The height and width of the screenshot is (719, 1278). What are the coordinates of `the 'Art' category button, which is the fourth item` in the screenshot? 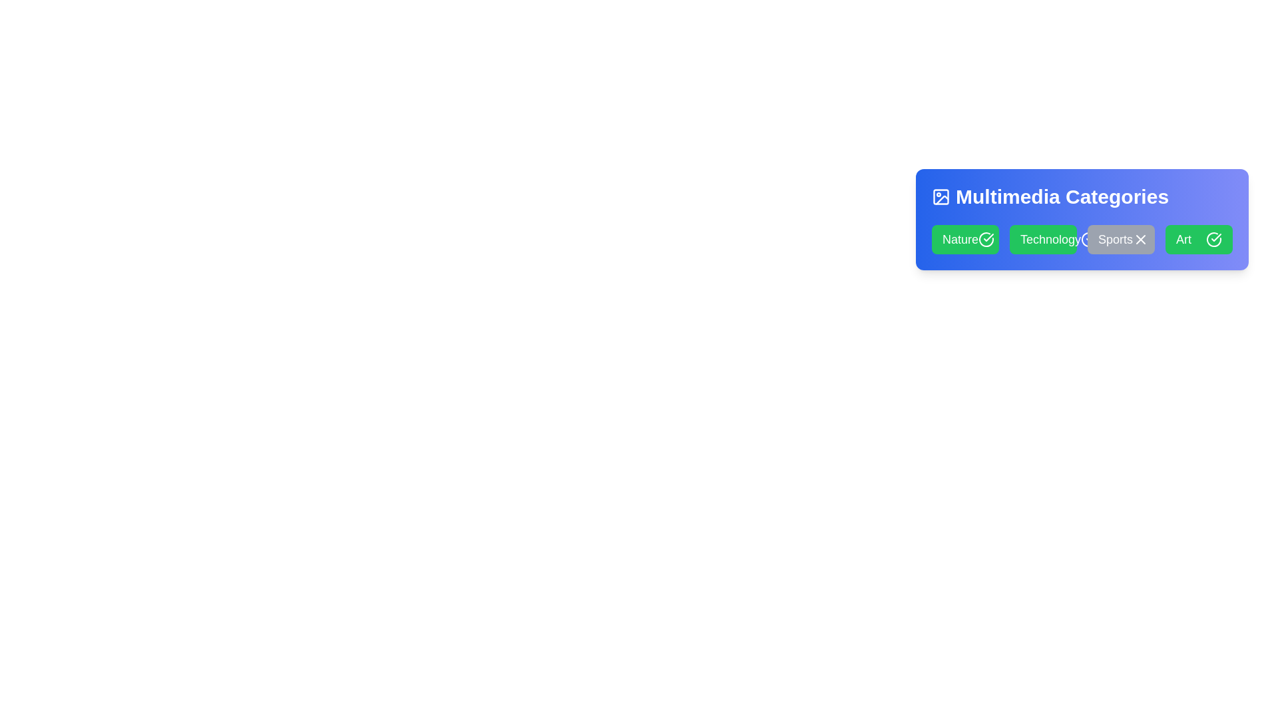 It's located at (1199, 238).